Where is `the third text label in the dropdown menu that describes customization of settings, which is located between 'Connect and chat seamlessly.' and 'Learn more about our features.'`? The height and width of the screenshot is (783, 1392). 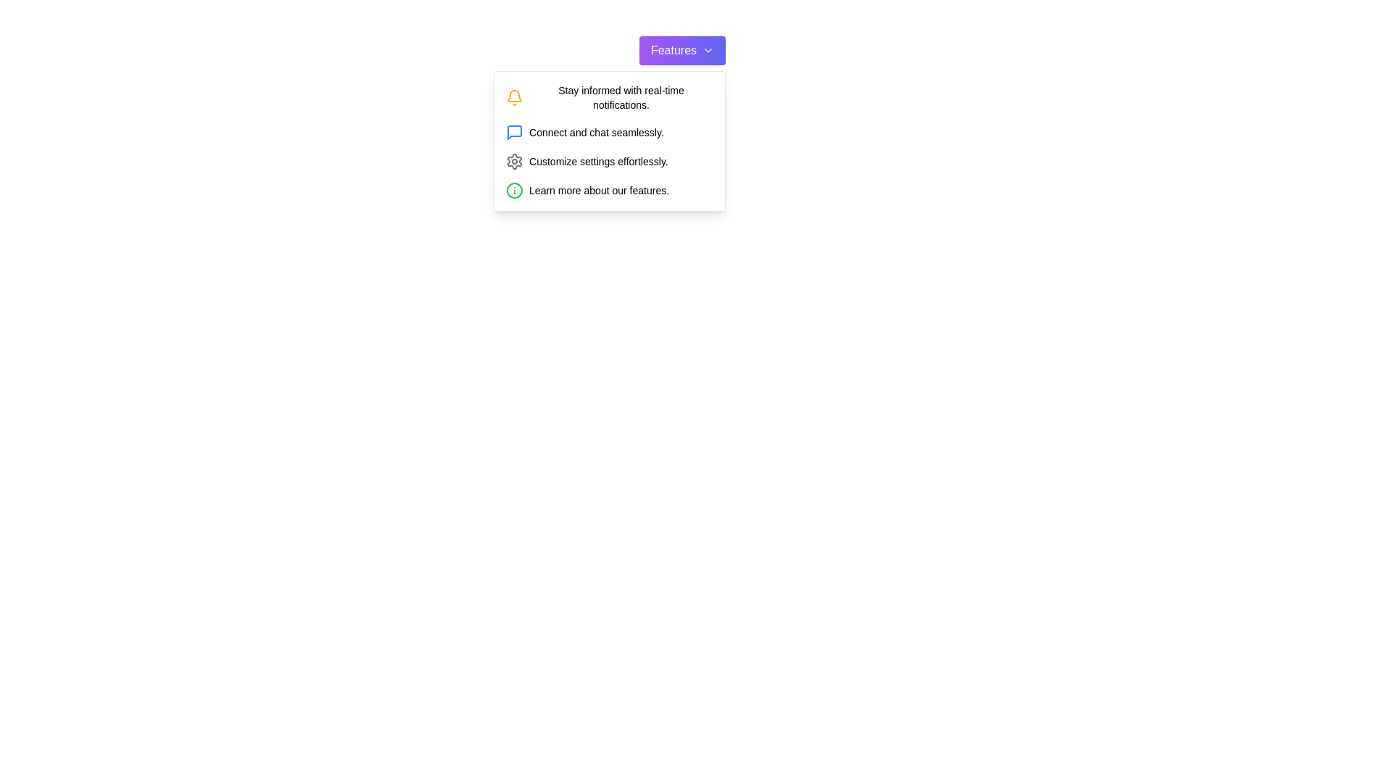
the third text label in the dropdown menu that describes customization of settings, which is located between 'Connect and chat seamlessly.' and 'Learn more about our features.' is located at coordinates (598, 162).